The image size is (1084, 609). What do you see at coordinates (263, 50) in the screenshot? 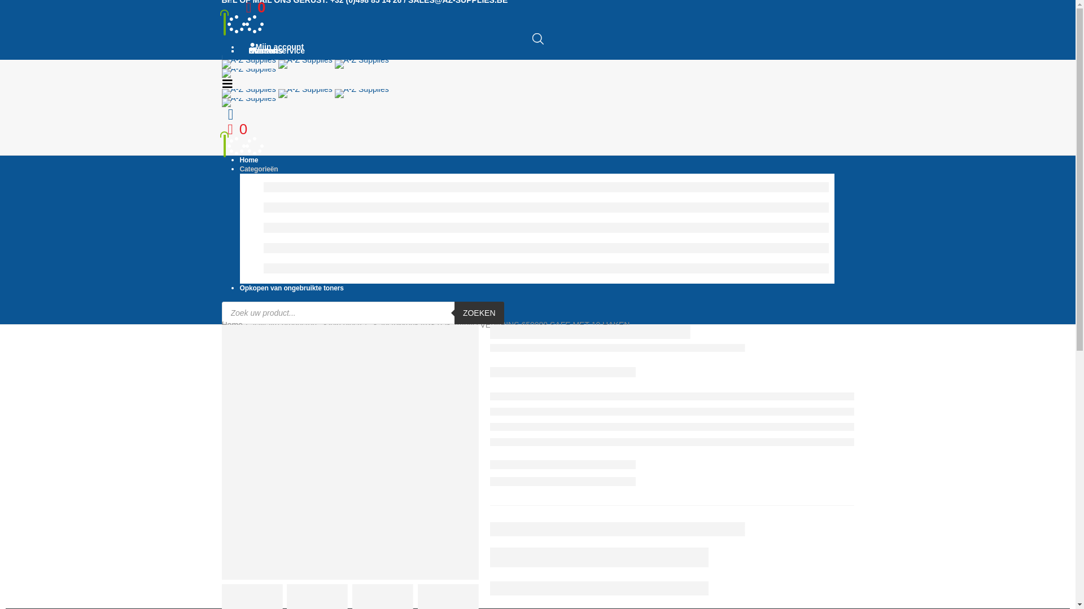
I see `'Over ons'` at bounding box center [263, 50].